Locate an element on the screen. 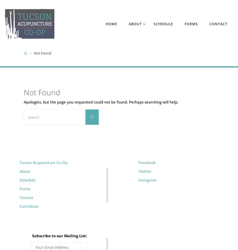 This screenshot has height=250, width=238. 'Forms' is located at coordinates (25, 188).